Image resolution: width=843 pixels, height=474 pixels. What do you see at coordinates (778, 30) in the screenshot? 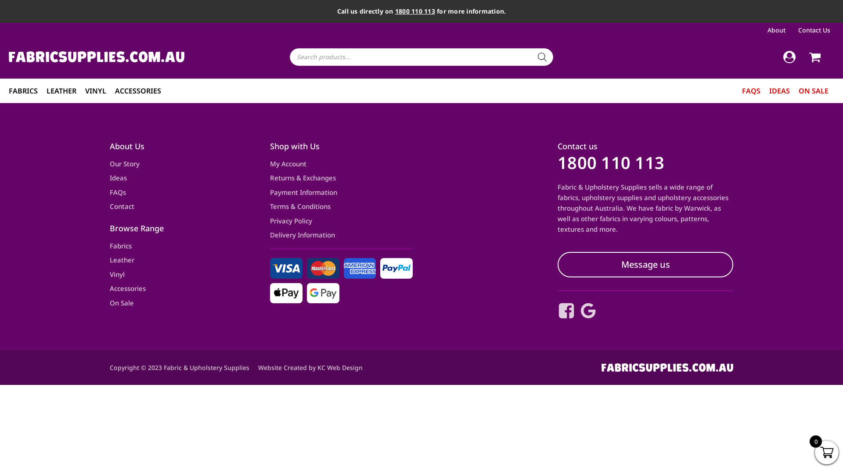
I see `'About'` at bounding box center [778, 30].